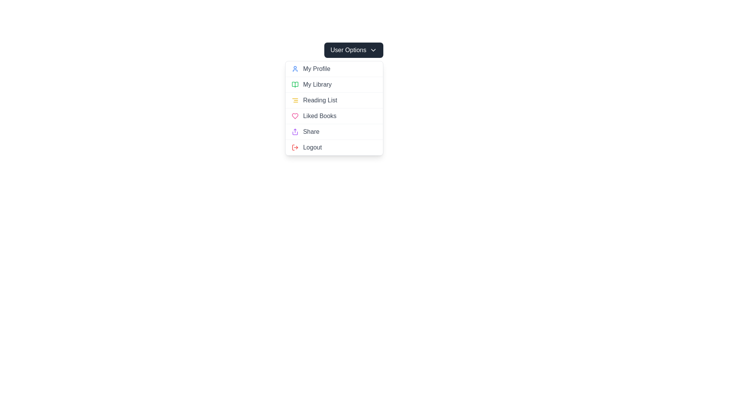  Describe the element at coordinates (334, 84) in the screenshot. I see `the interactive button in the dropdown menu under the 'User Options' that navigates to the library section, positioned between 'My Profile' and 'Reading List'` at that location.